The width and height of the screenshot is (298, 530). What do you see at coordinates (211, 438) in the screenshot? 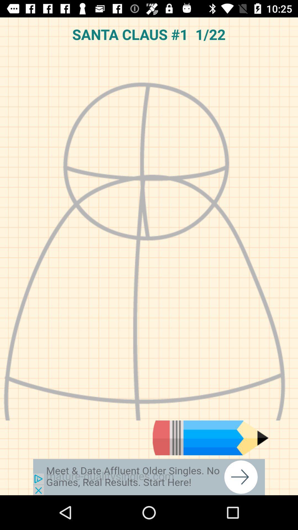
I see `draw` at bounding box center [211, 438].